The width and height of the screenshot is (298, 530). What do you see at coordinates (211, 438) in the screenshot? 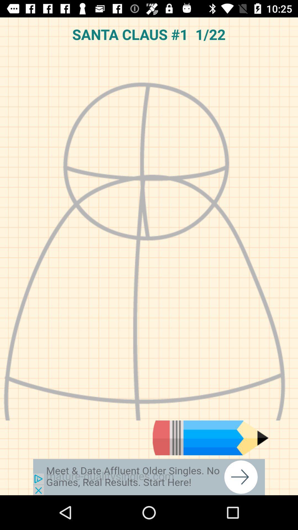
I see `draw` at bounding box center [211, 438].